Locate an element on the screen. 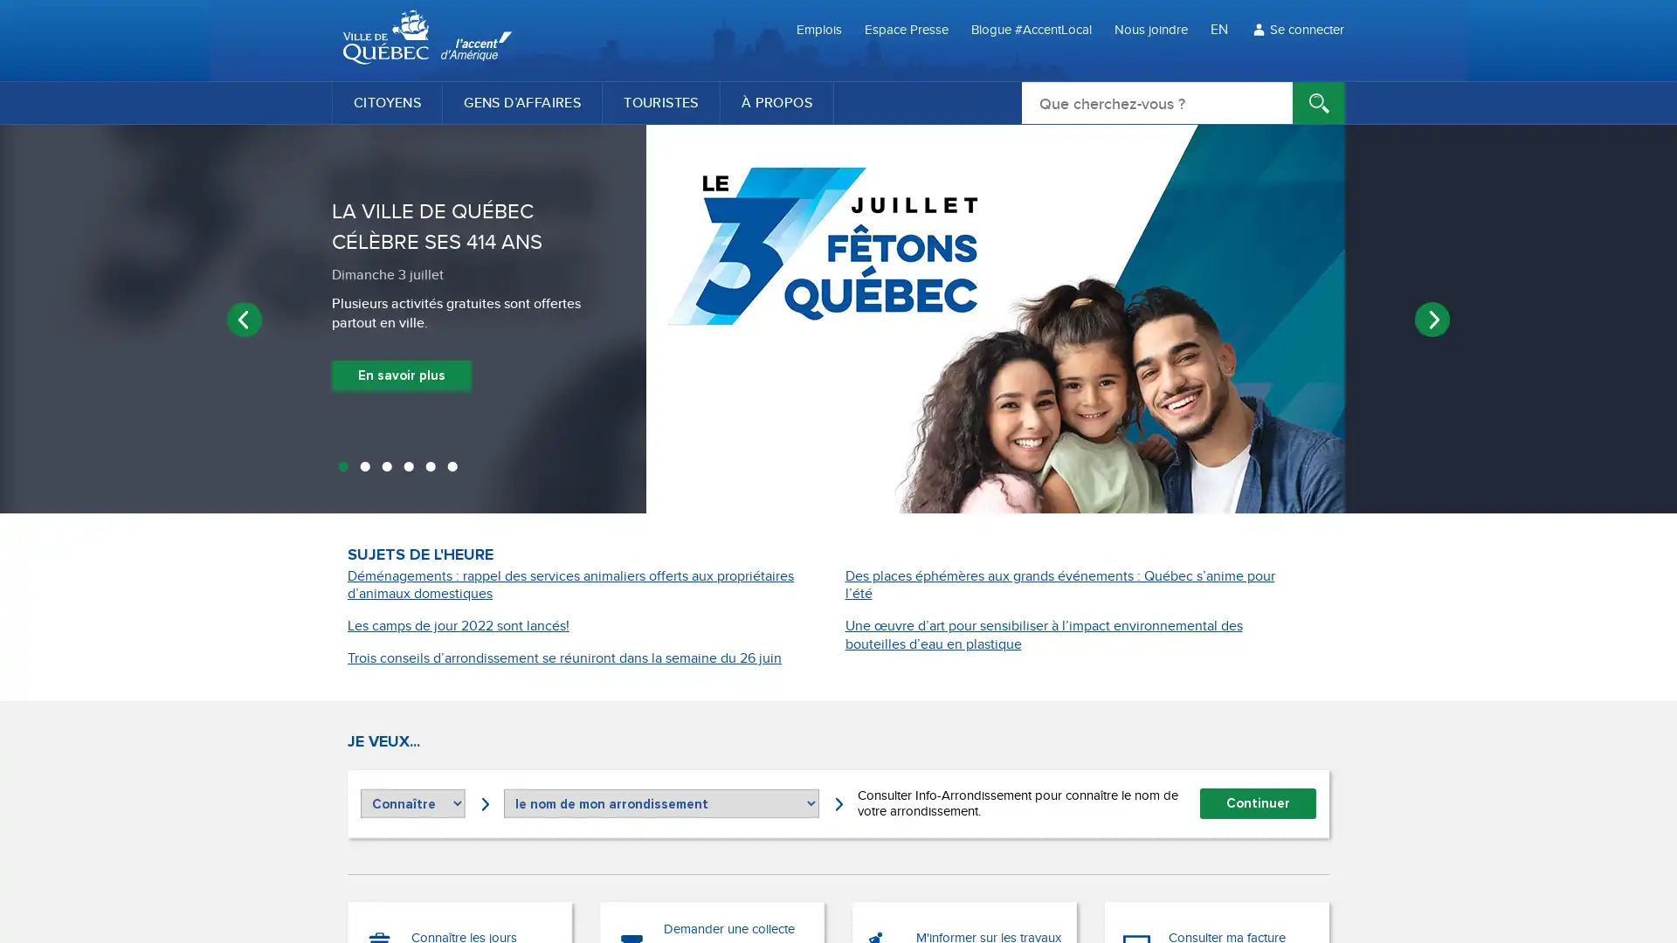 The height and width of the screenshot is (943, 1677). Diapositive numero 5 is located at coordinates (430, 467).